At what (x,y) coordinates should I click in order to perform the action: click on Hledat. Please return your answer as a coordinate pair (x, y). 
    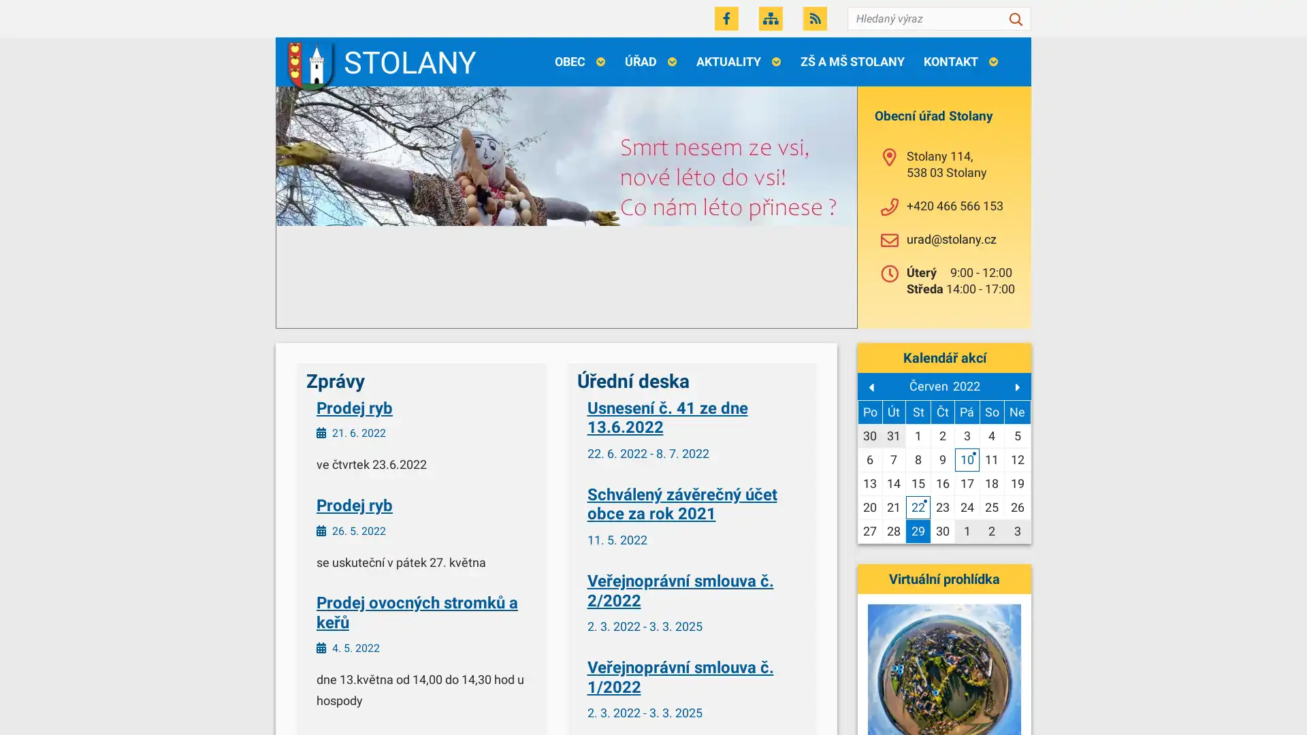
    Looking at the image, I should click on (1016, 18).